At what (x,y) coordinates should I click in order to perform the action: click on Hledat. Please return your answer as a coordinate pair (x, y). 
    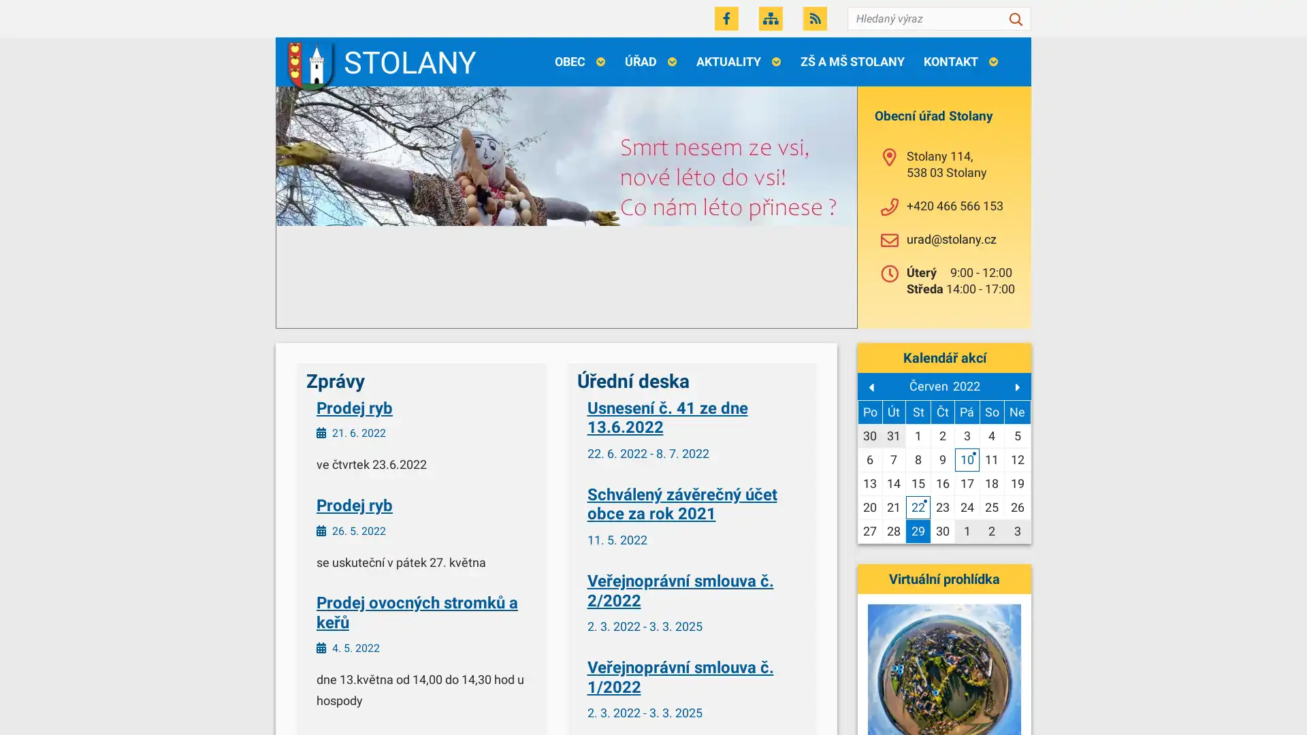
    Looking at the image, I should click on (1016, 18).